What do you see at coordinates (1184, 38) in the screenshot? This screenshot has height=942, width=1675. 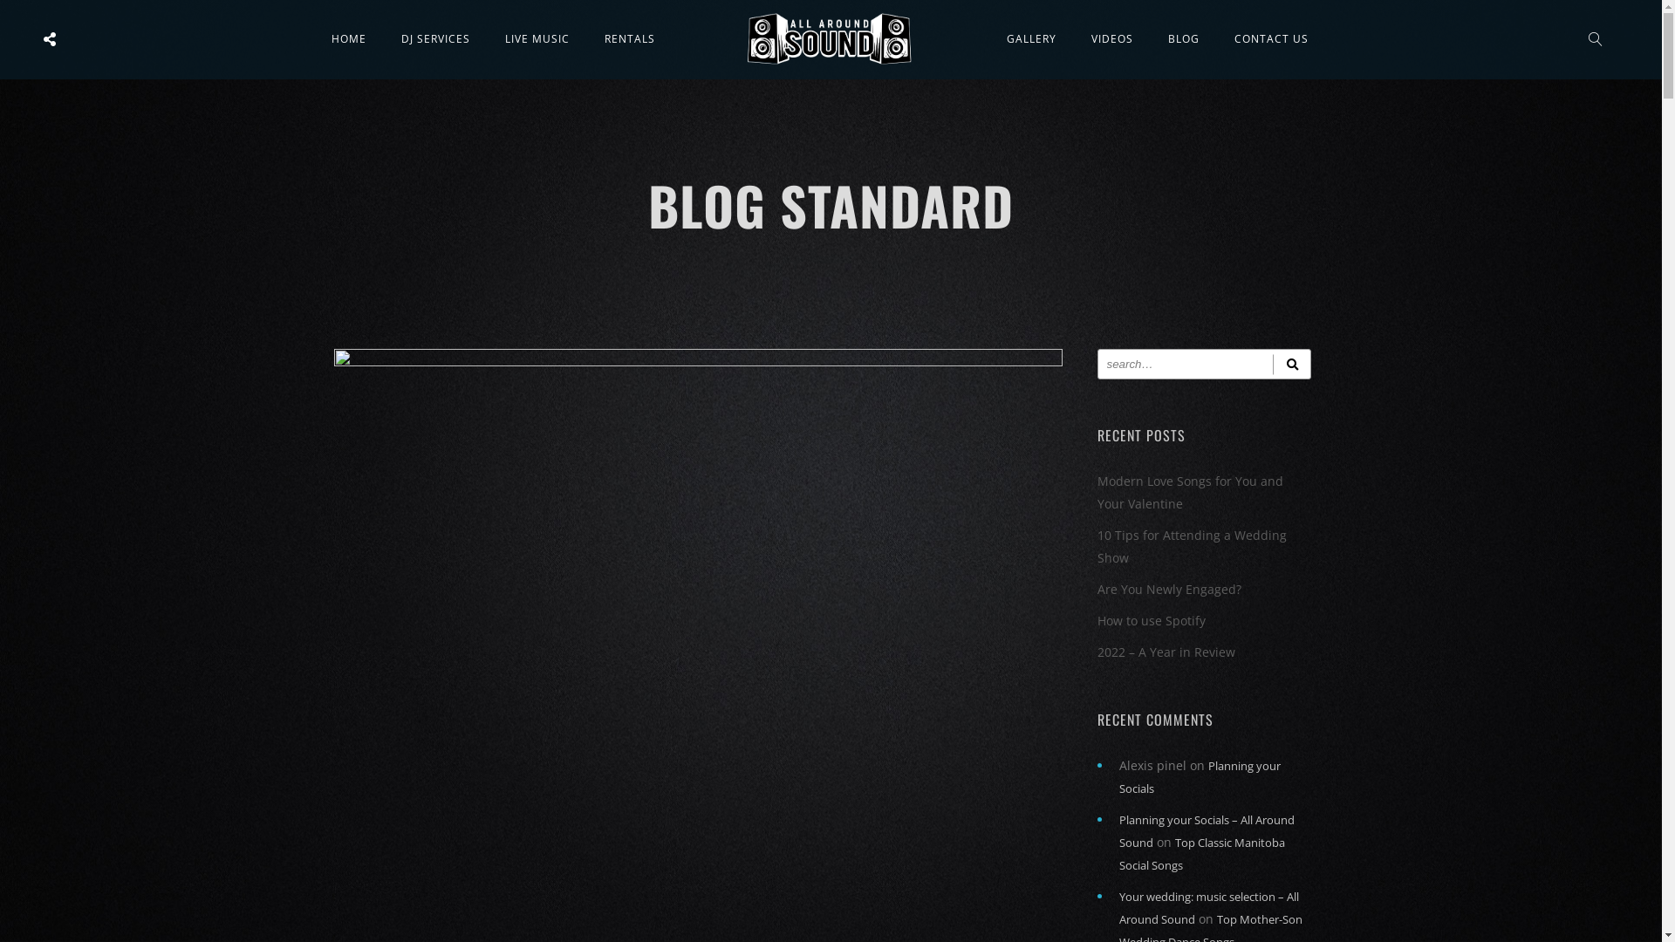 I see `'BLOG'` at bounding box center [1184, 38].